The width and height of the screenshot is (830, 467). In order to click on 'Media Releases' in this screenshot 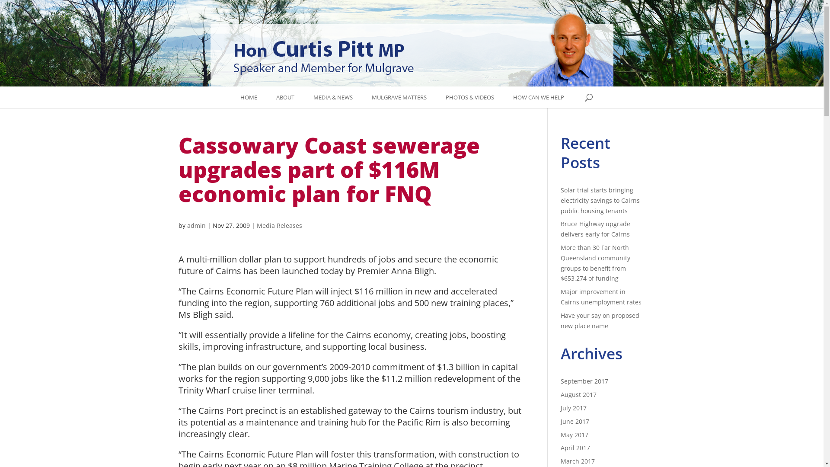, I will do `click(279, 225)`.